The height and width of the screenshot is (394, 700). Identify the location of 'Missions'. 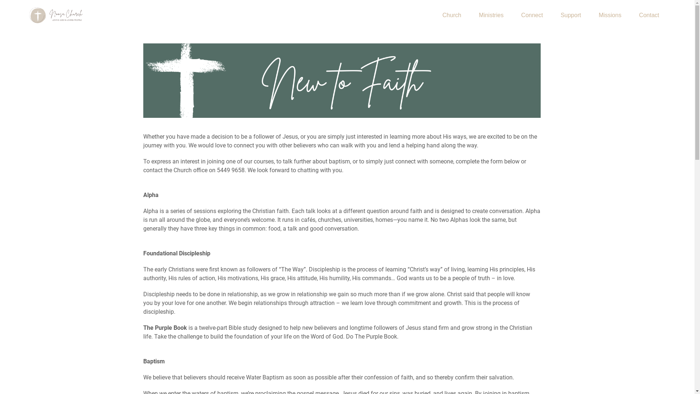
(591, 15).